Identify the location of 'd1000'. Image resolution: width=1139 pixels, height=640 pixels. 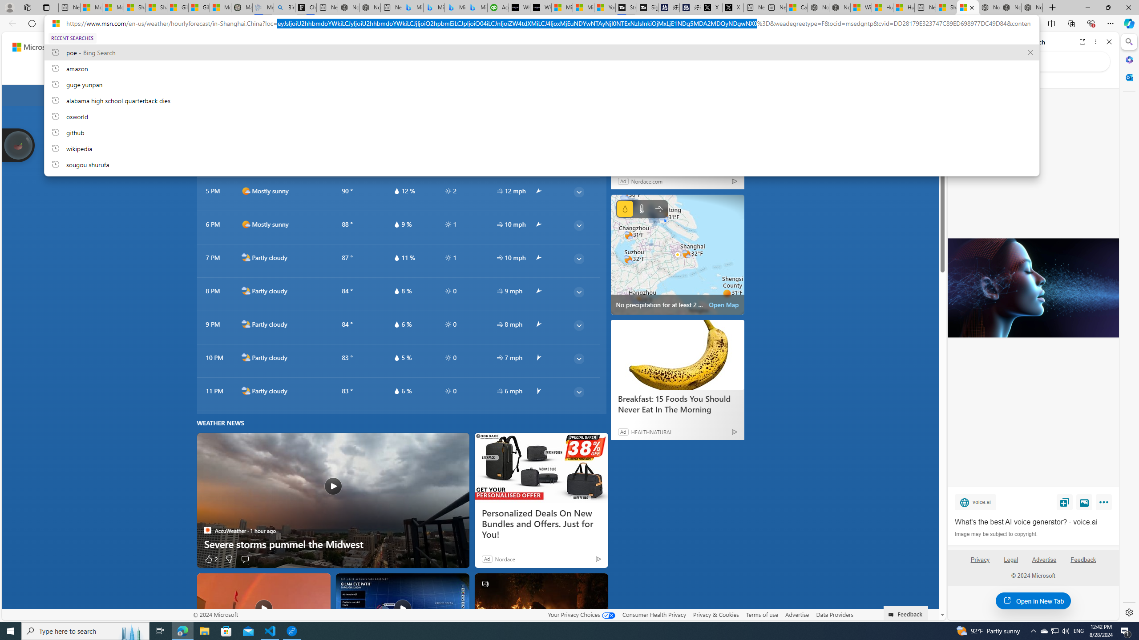
(245, 224).